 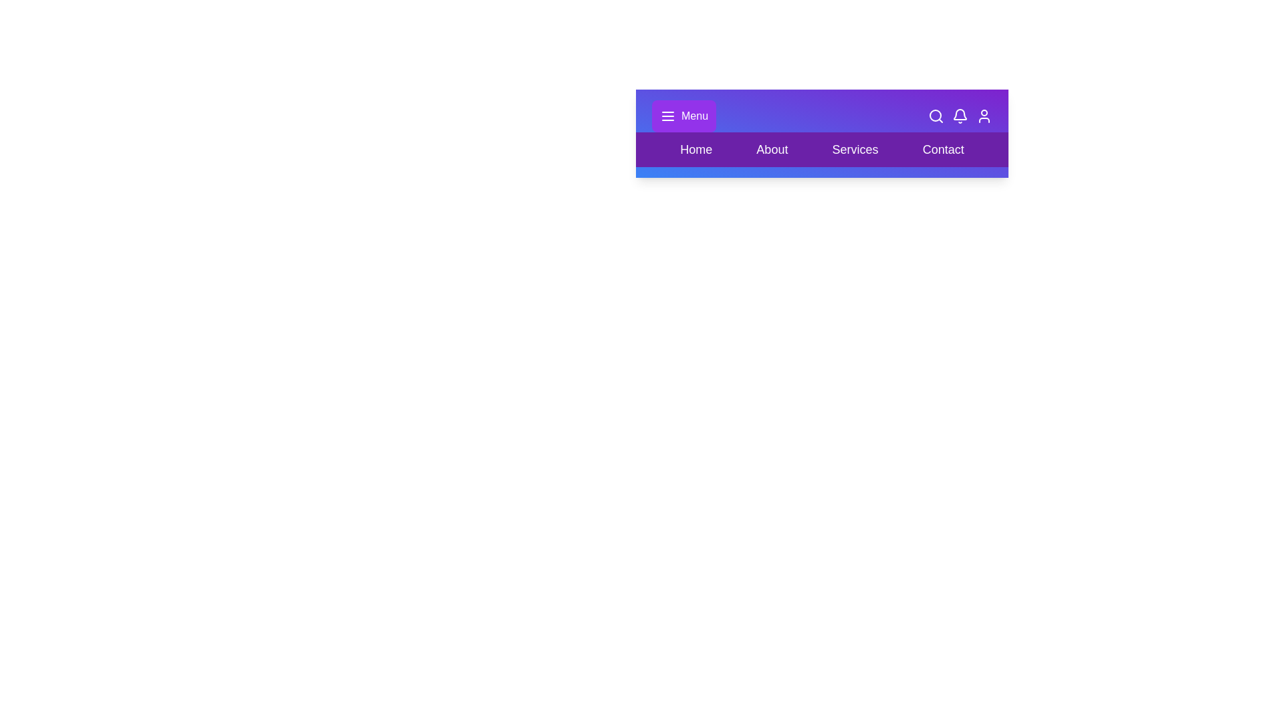 I want to click on the 'User Profile' icon to access profile settings, so click(x=984, y=115).